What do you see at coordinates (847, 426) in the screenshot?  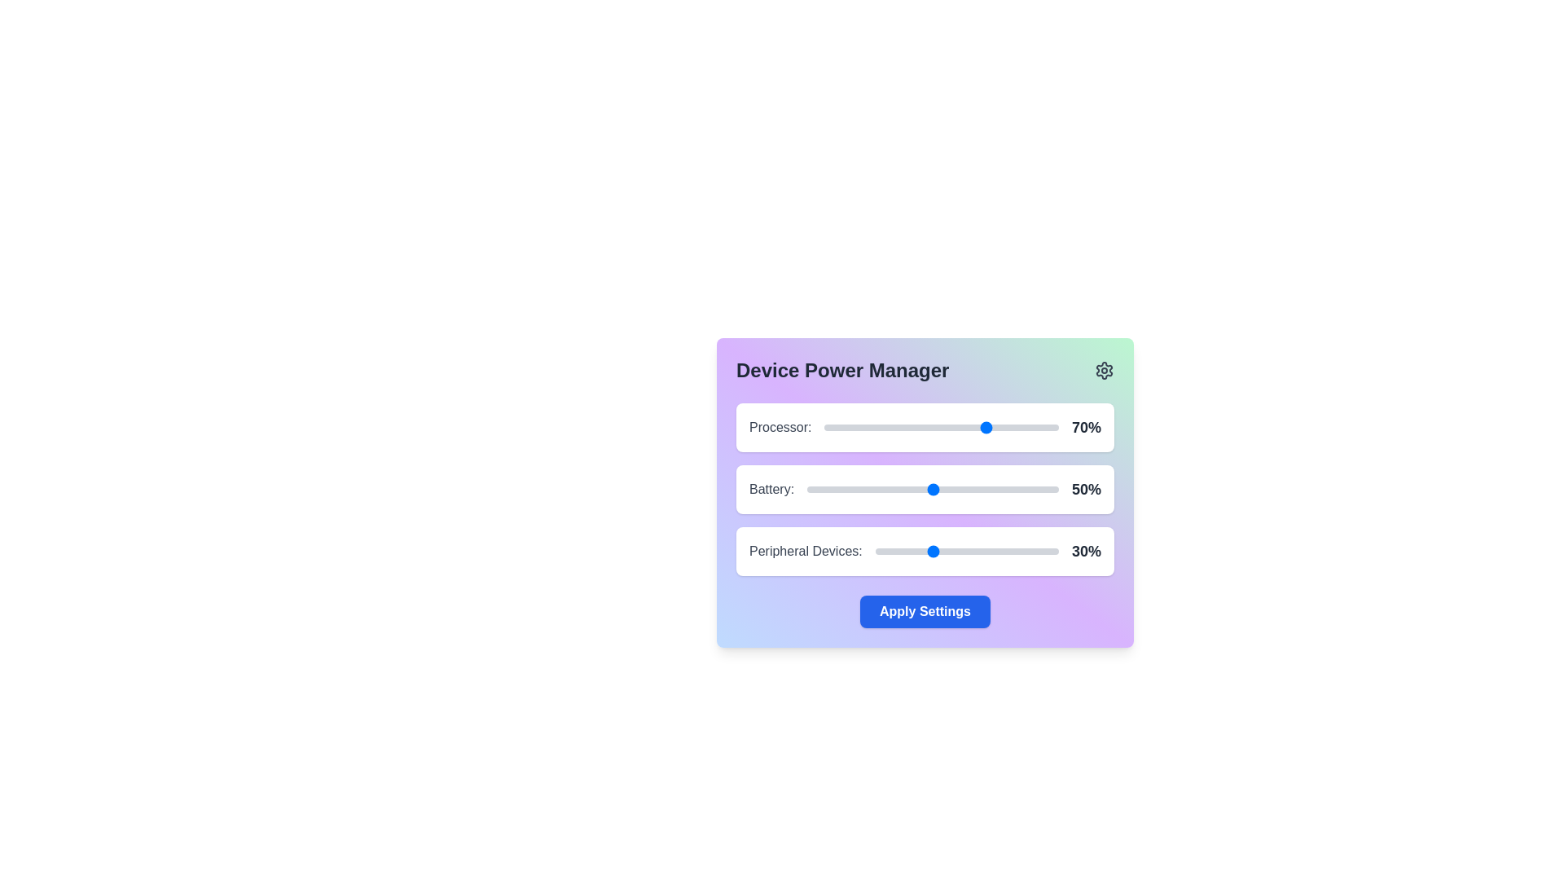 I see `the 'Processor' slider to 10% power` at bounding box center [847, 426].